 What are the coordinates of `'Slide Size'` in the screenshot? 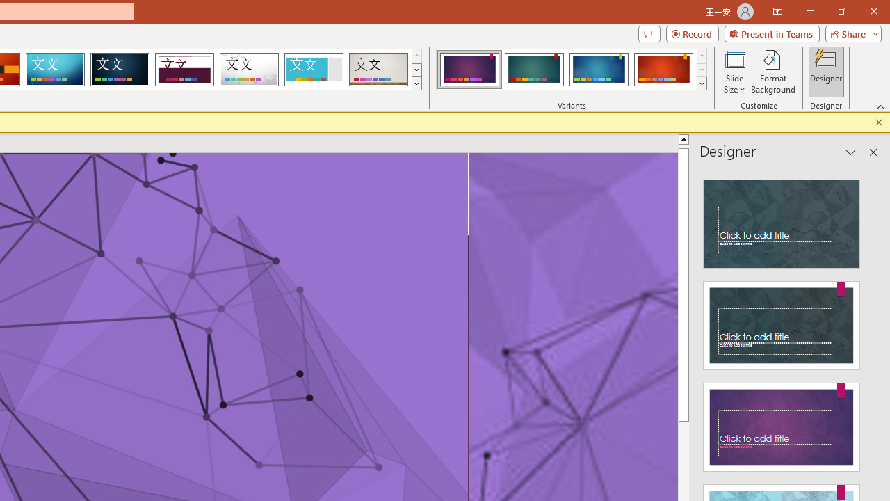 It's located at (734, 72).